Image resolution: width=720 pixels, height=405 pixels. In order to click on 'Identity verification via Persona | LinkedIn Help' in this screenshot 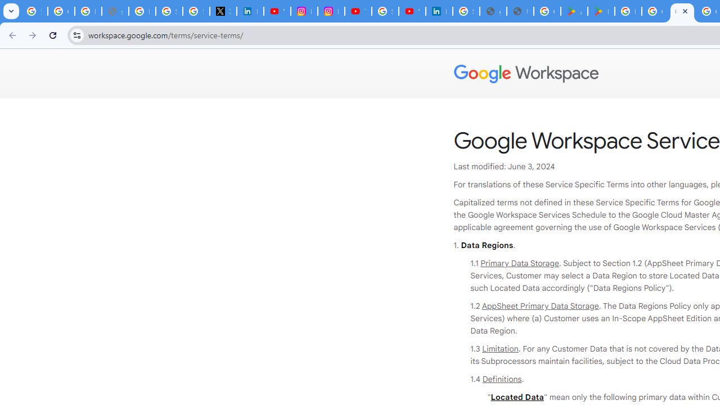, I will do `click(438, 11)`.